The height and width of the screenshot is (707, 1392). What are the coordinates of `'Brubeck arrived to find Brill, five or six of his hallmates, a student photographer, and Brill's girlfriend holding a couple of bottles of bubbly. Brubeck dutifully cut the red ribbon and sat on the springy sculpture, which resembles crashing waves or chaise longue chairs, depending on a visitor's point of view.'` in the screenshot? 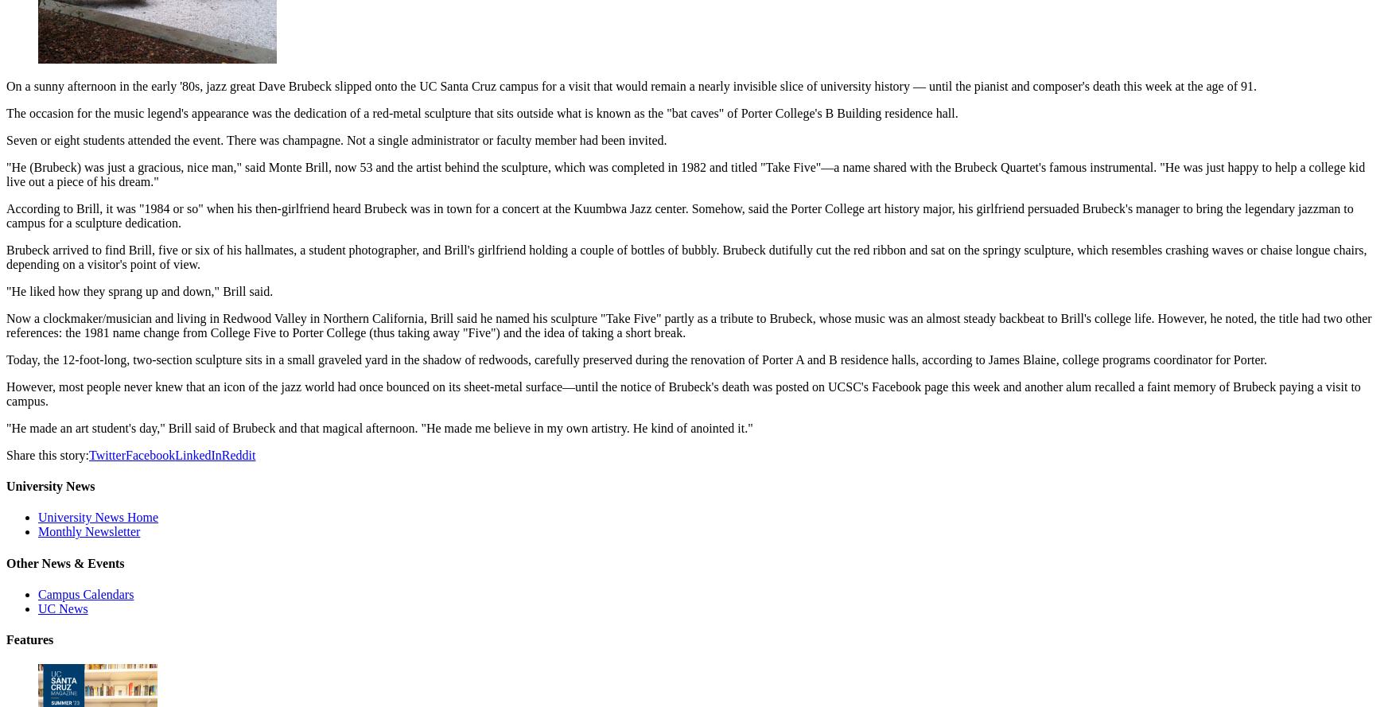 It's located at (6, 255).